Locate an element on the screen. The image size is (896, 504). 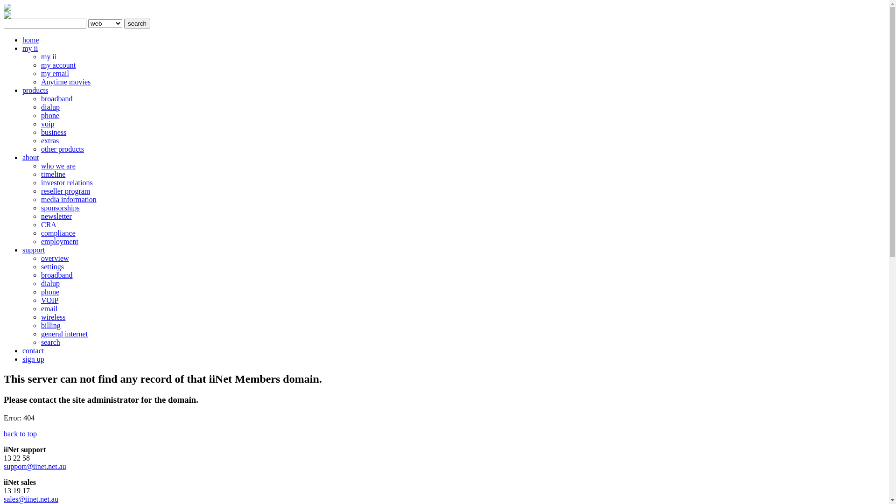
'sponsorships' is located at coordinates (60, 207).